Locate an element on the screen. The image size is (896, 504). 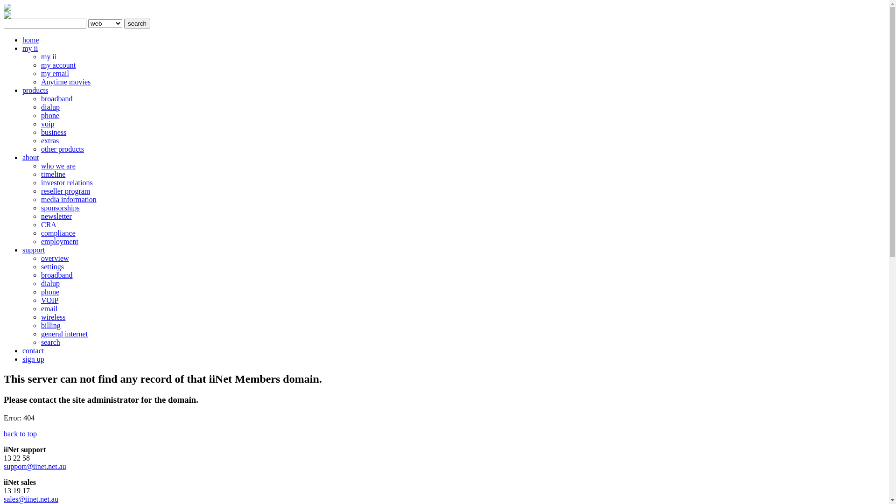
'sponsorships' is located at coordinates (60, 207).